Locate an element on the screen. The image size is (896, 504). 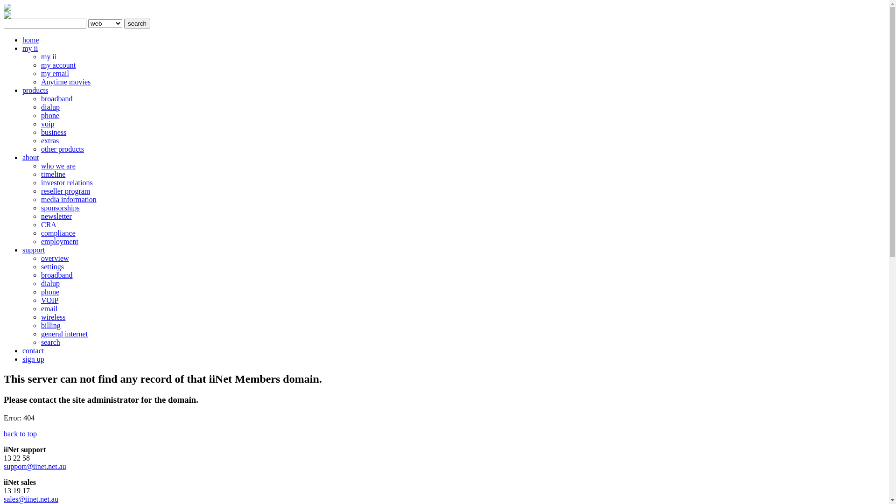
'sponsorships' is located at coordinates (60, 207).